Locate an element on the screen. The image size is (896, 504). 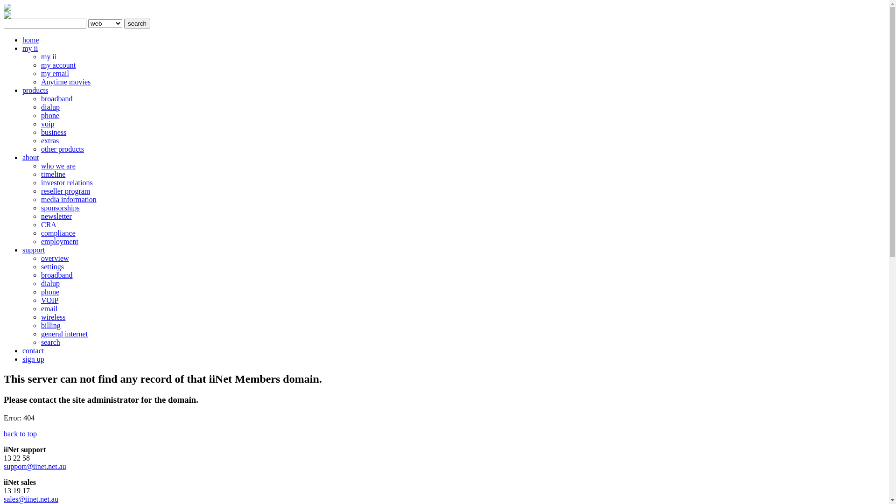
'sponsorships' is located at coordinates (60, 207).